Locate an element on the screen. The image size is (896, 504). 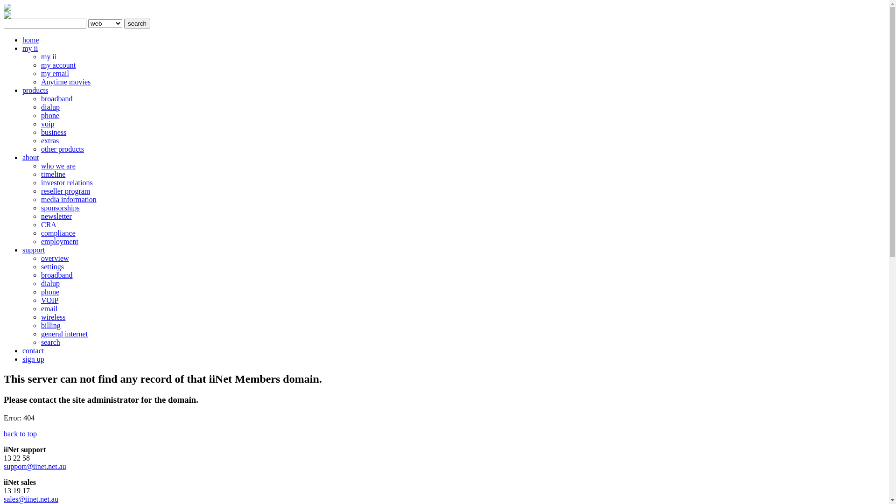
'sponsorships' is located at coordinates (60, 207).